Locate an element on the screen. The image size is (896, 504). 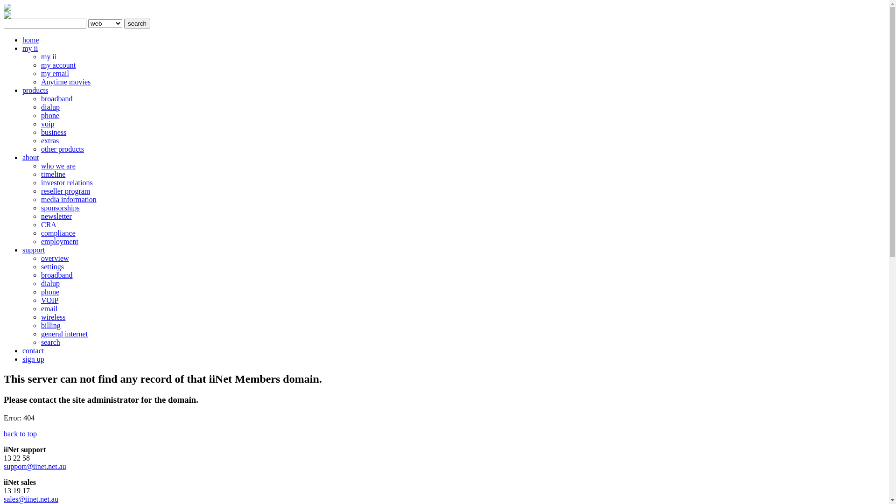
'sponsorships' is located at coordinates (60, 207).